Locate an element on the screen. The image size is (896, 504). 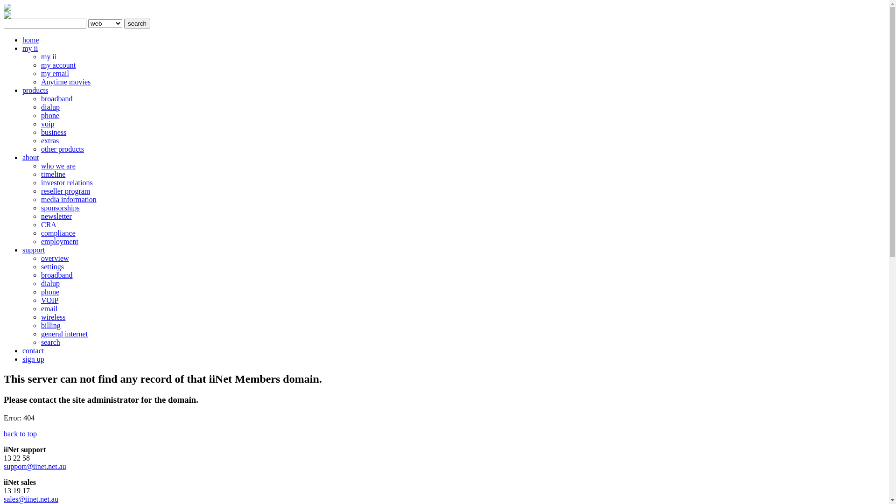
'sponsorships' is located at coordinates (60, 207).